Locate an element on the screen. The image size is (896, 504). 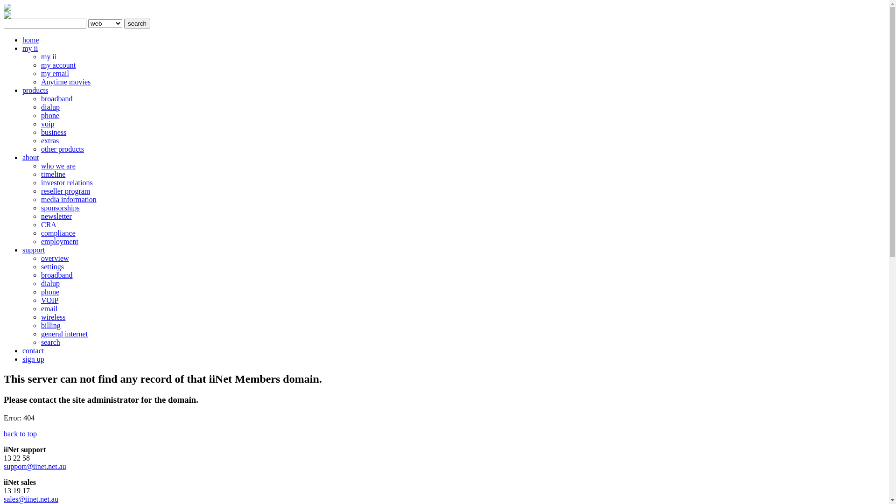
'sponsorships' is located at coordinates (60, 207).